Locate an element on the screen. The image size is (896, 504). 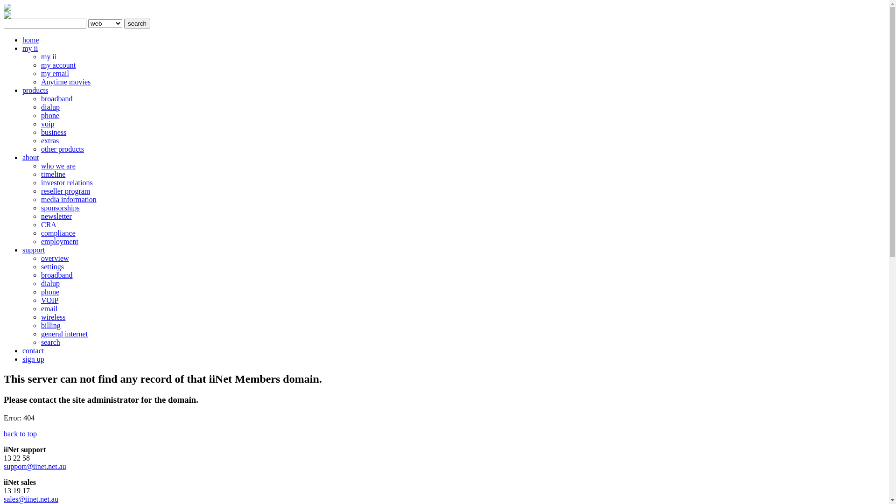
'sponsorships' is located at coordinates (60, 207).